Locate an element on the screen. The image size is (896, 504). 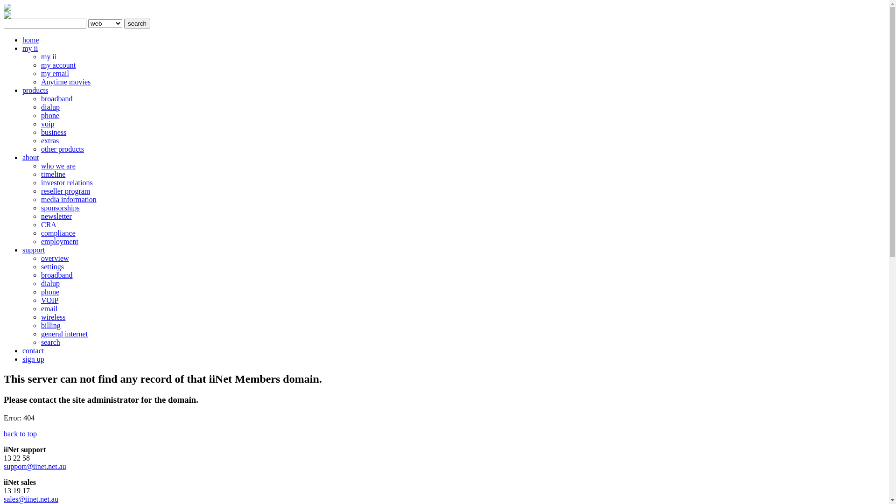
'sponsorships' is located at coordinates (60, 207).